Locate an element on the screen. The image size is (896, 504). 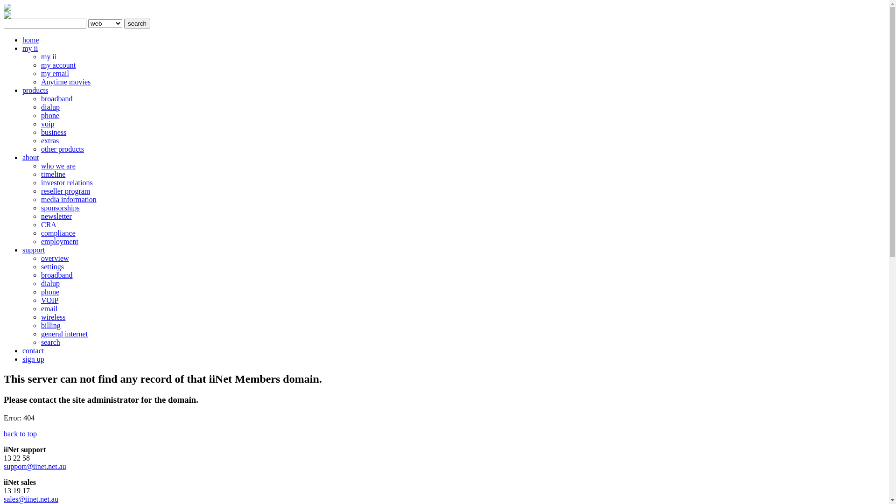
'sponsorships' is located at coordinates (60, 207).